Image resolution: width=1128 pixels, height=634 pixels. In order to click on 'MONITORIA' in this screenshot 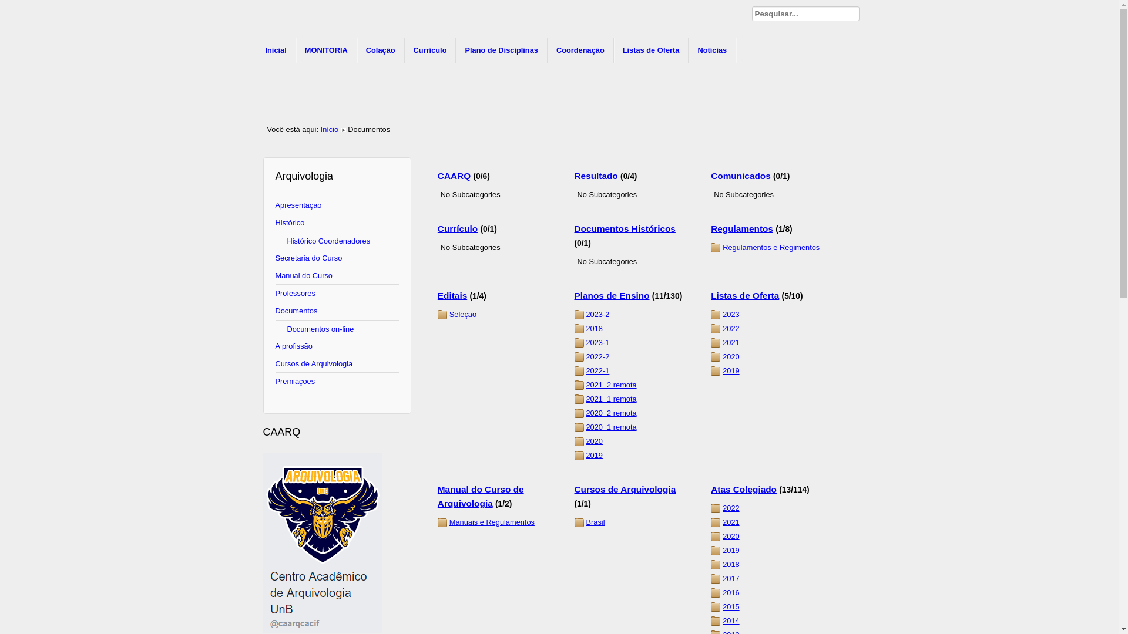, I will do `click(327, 49)`.